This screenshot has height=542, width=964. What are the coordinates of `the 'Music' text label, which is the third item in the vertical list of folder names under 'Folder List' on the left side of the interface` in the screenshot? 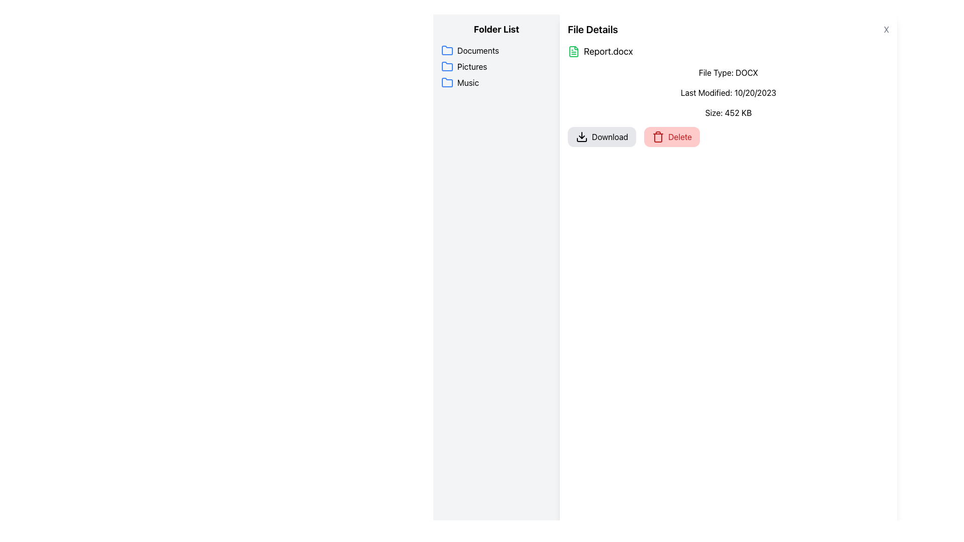 It's located at (467, 82).